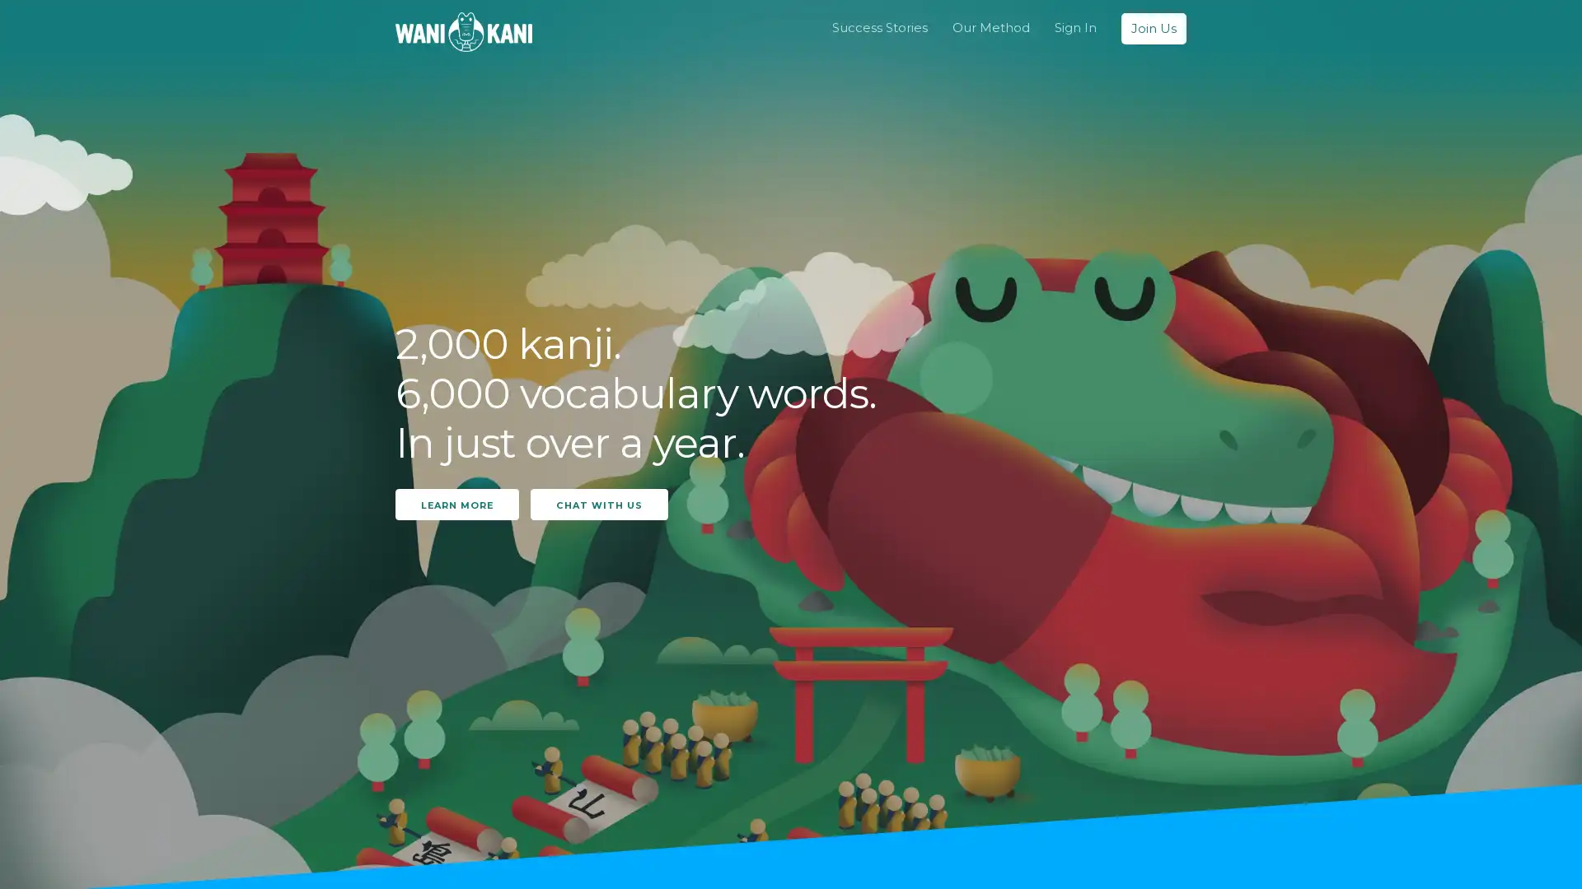 Image resolution: width=1582 pixels, height=889 pixels. I want to click on CHAT WITH US, so click(598, 503).